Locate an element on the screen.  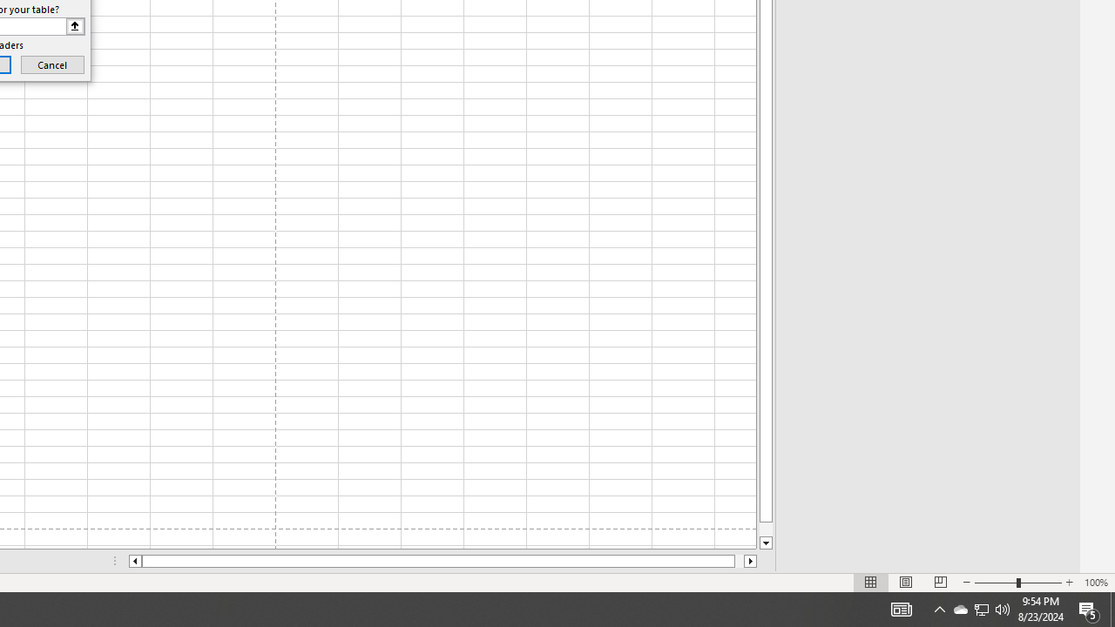
'Zoom Out' is located at coordinates (996, 583).